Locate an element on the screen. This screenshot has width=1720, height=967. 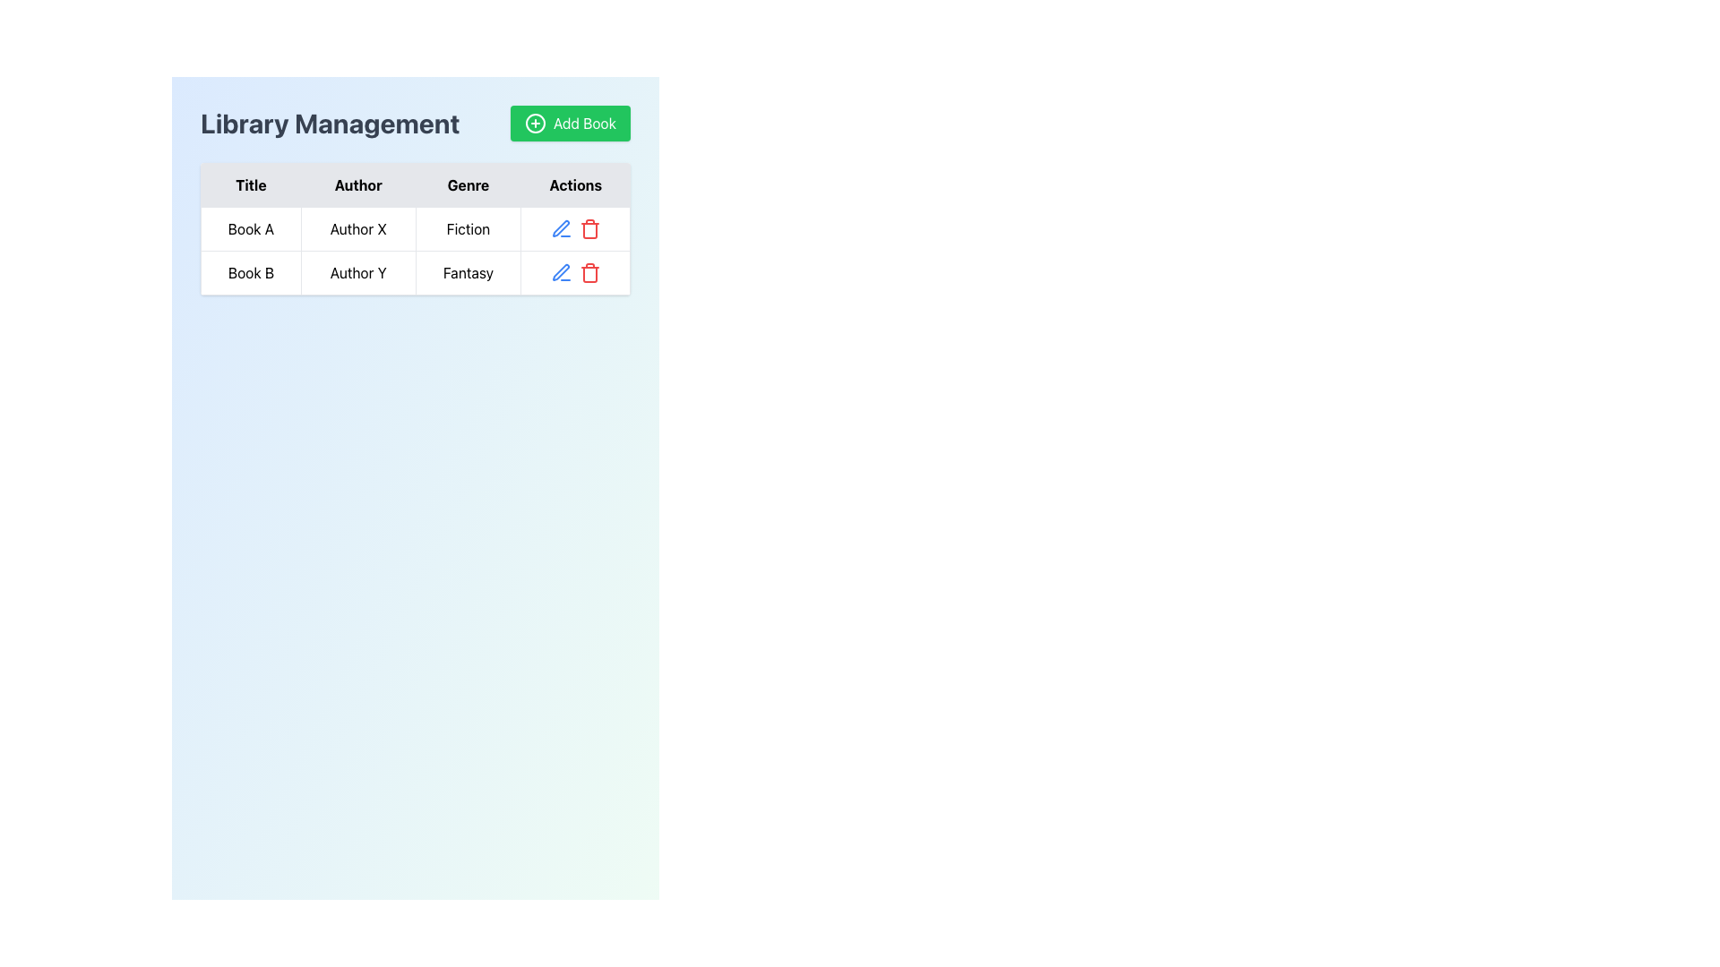
the text label displaying the genre 'Fantasy' in the Genre column of the data table, aligned with 'Book B' and 'Author Y' is located at coordinates (469, 272).